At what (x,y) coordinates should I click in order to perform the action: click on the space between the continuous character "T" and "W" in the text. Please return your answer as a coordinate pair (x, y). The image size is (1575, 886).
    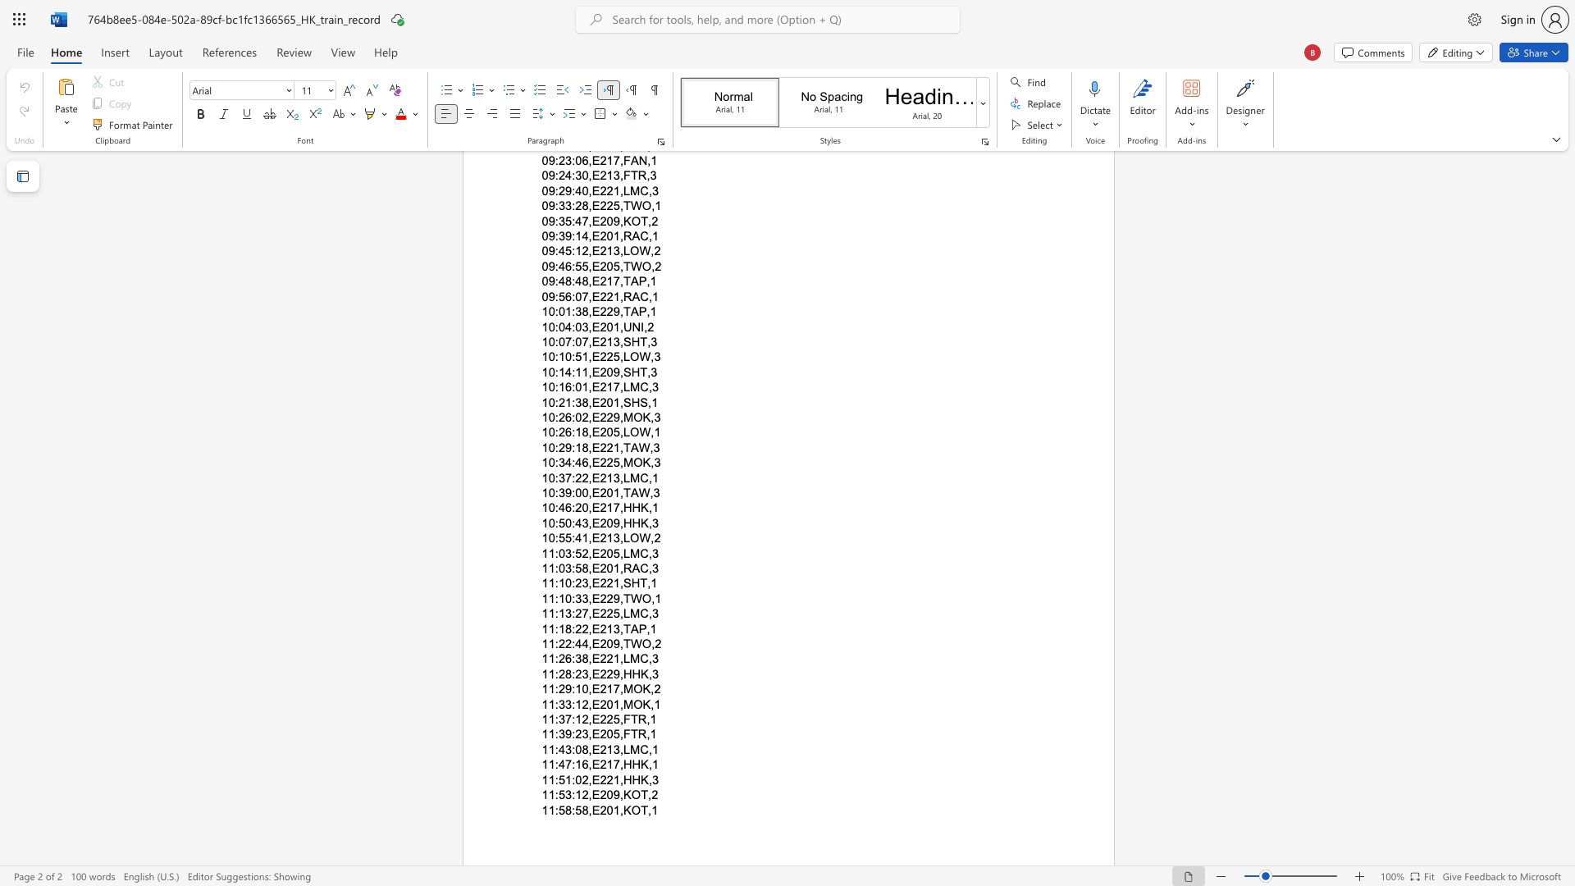
    Looking at the image, I should click on (631, 643).